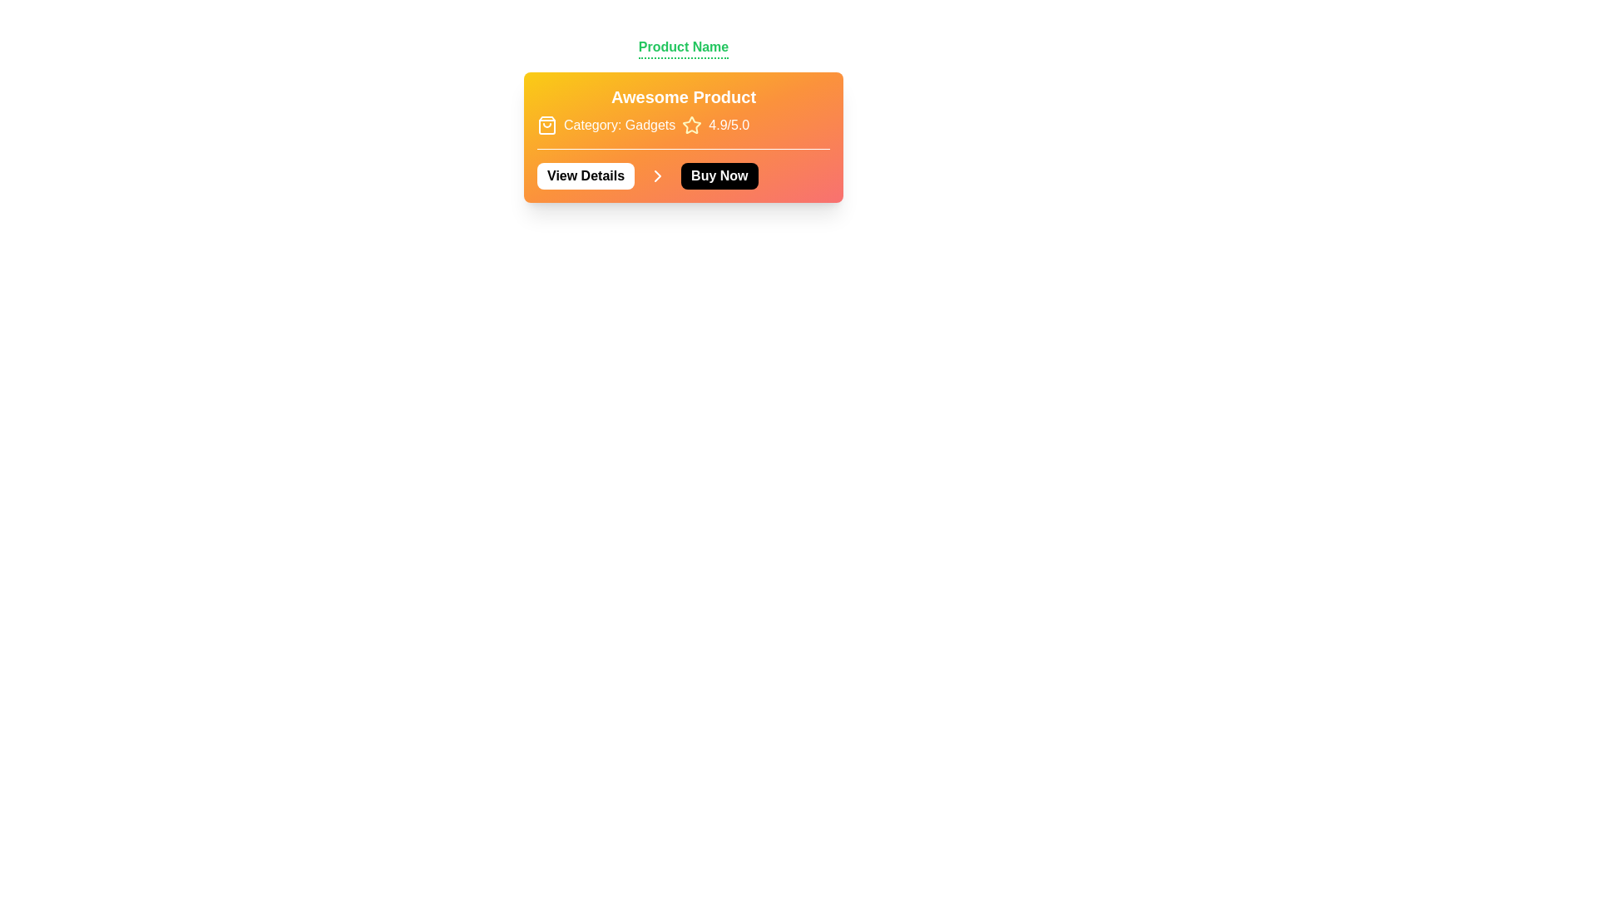  I want to click on the text label displaying '4.9/5.0', which is positioned to the right of the yellow star icon in the top section of the card interface, so click(729, 124).